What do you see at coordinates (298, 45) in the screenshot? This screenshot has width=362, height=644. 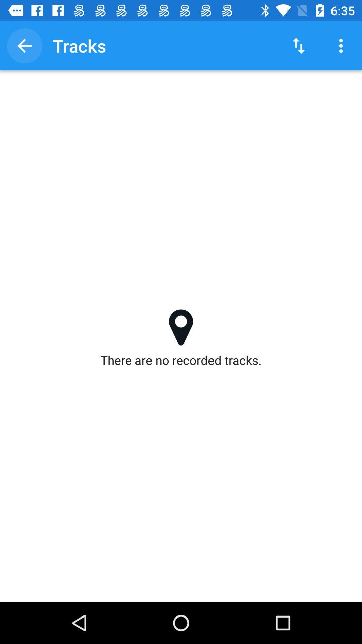 I see `the item next to tracks item` at bounding box center [298, 45].